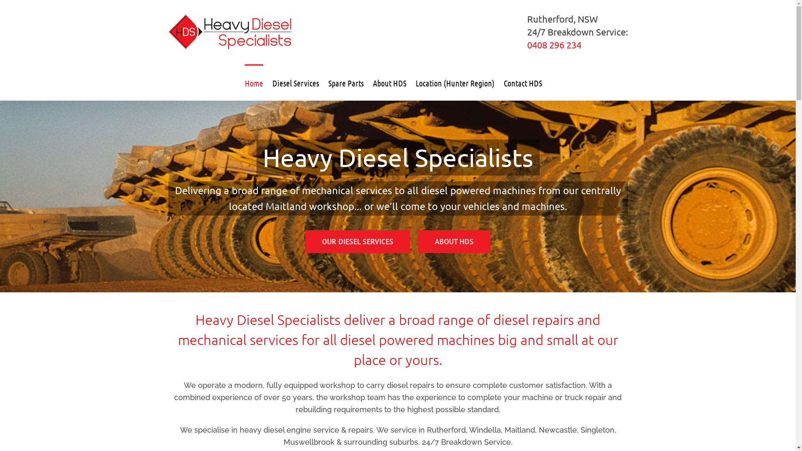  What do you see at coordinates (372, 82) in the screenshot?
I see `'About HDS'` at bounding box center [372, 82].